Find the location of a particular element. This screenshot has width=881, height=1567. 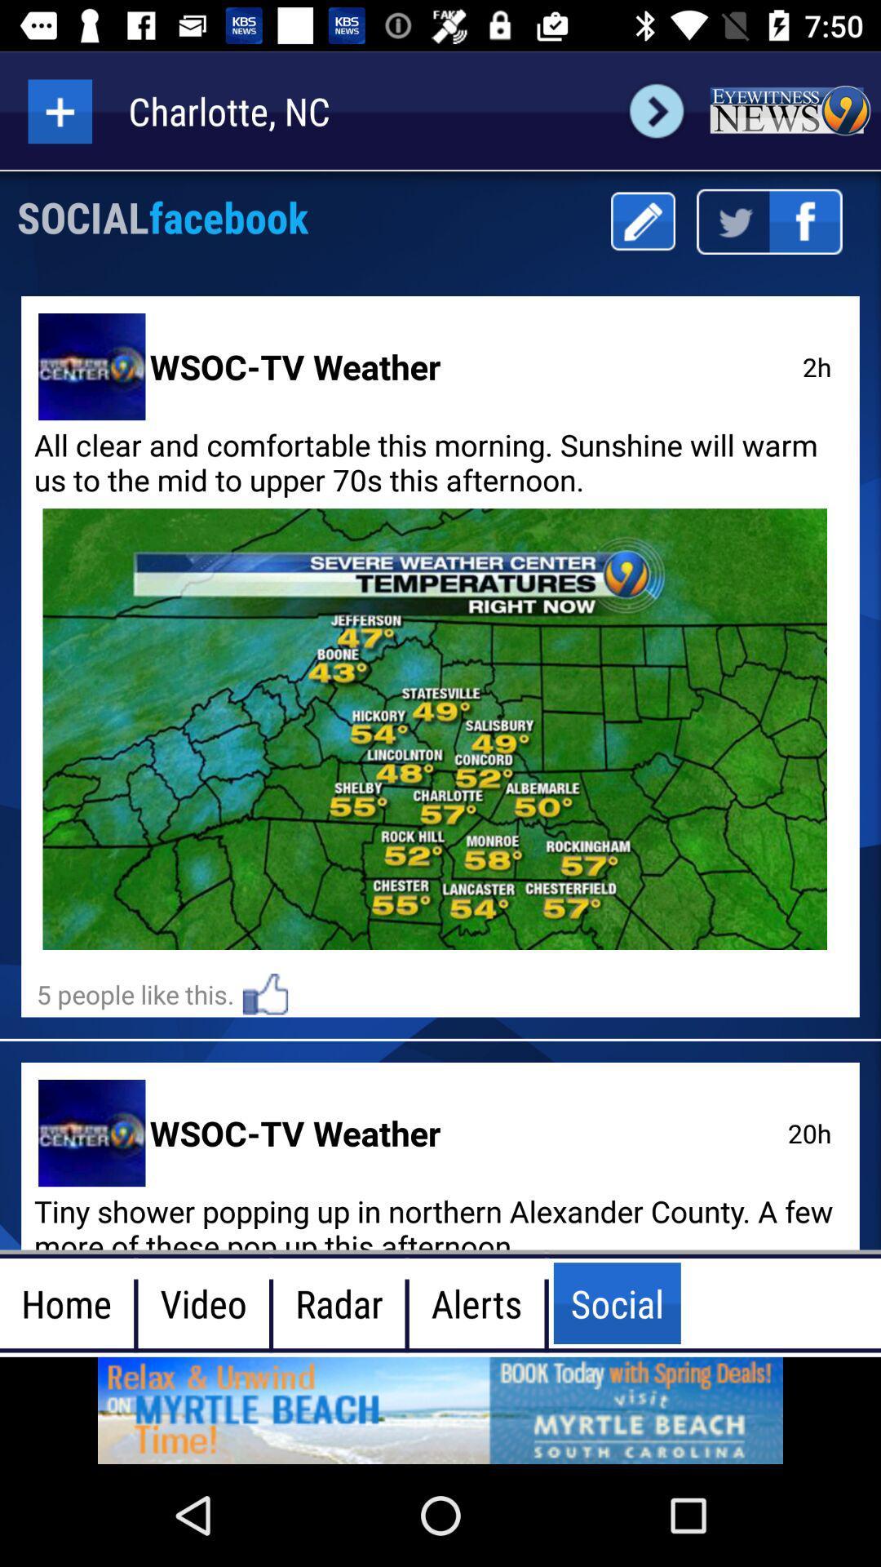

advertisement image is located at coordinates (440, 1409).